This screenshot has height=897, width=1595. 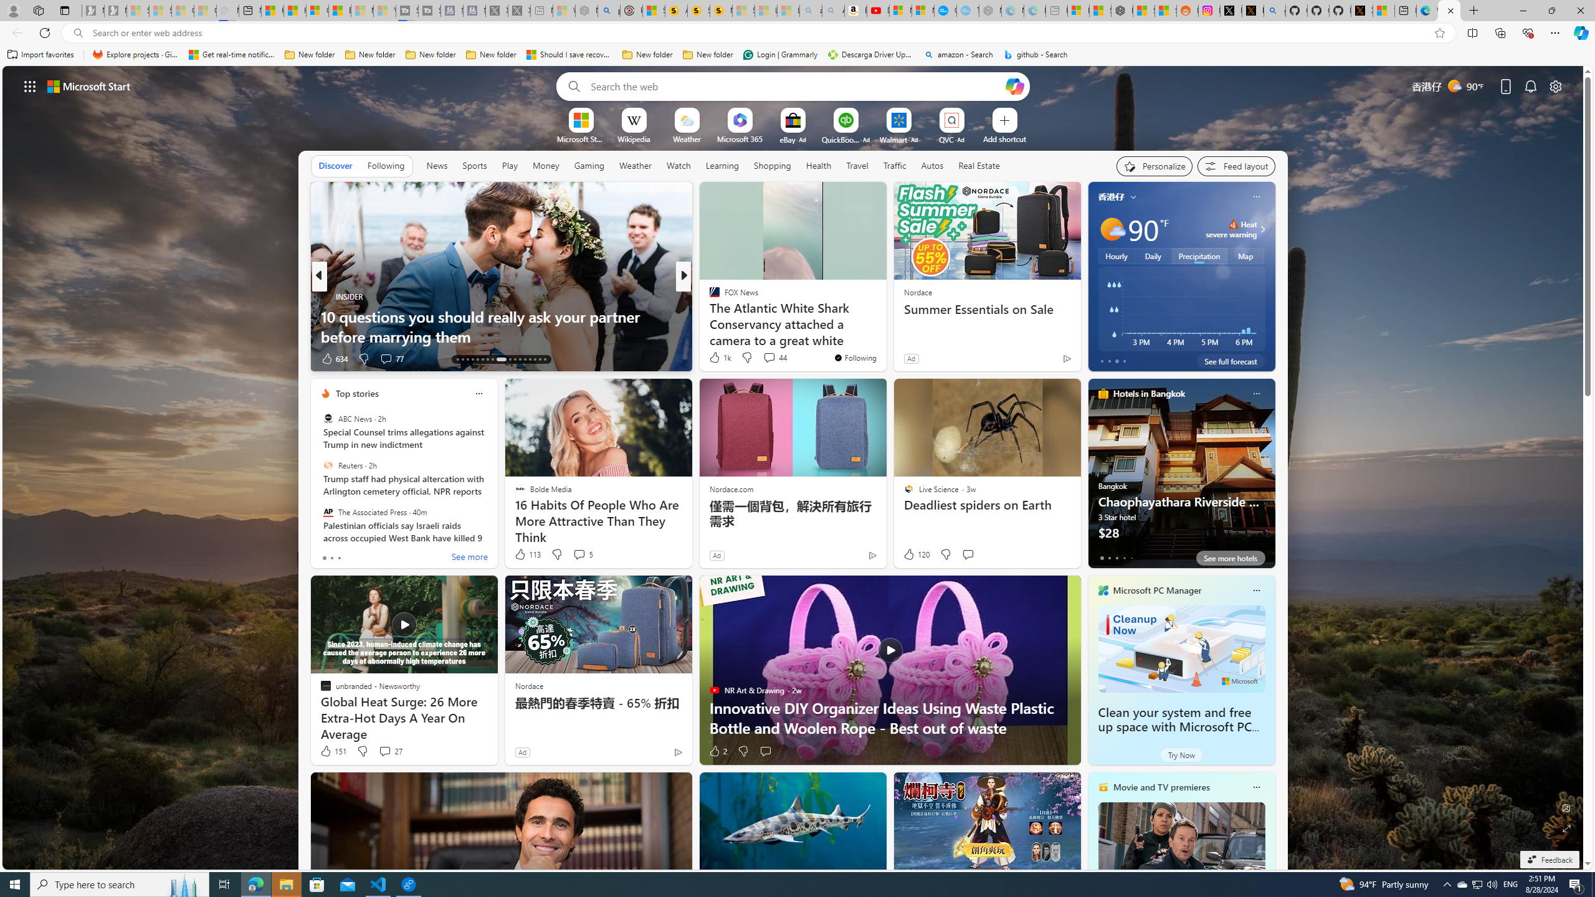 What do you see at coordinates (772, 164) in the screenshot?
I see `'Shopping'` at bounding box center [772, 164].